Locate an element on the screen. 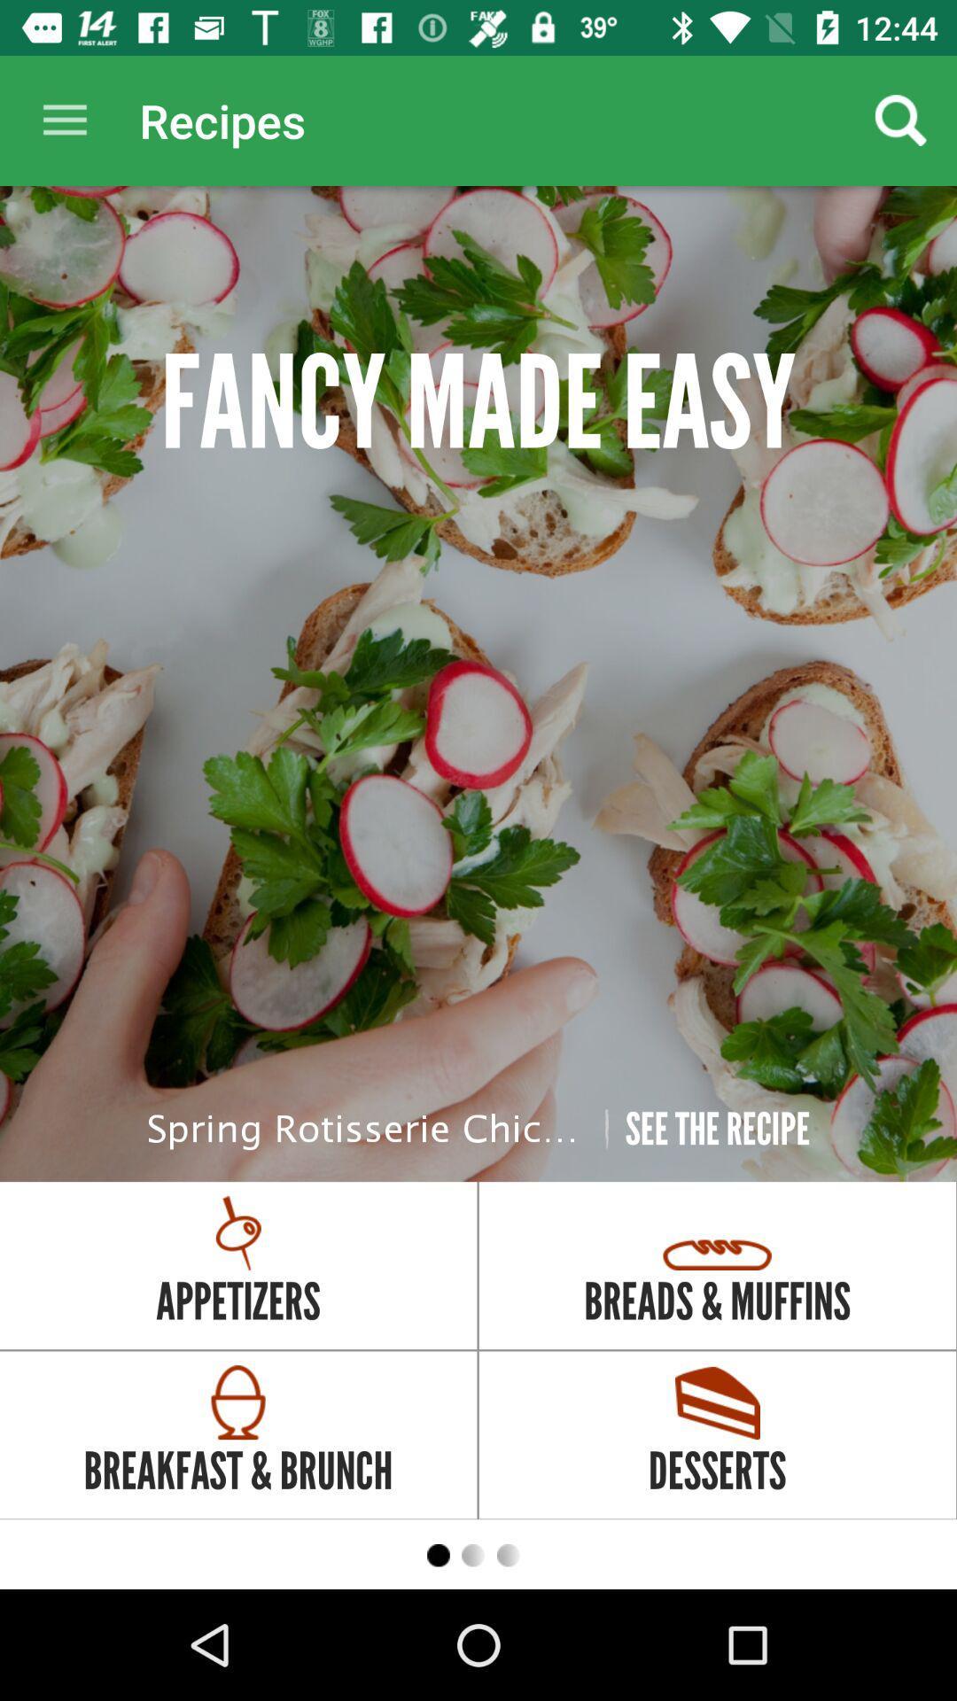  the icon above the fancy made easy item is located at coordinates (64, 120).